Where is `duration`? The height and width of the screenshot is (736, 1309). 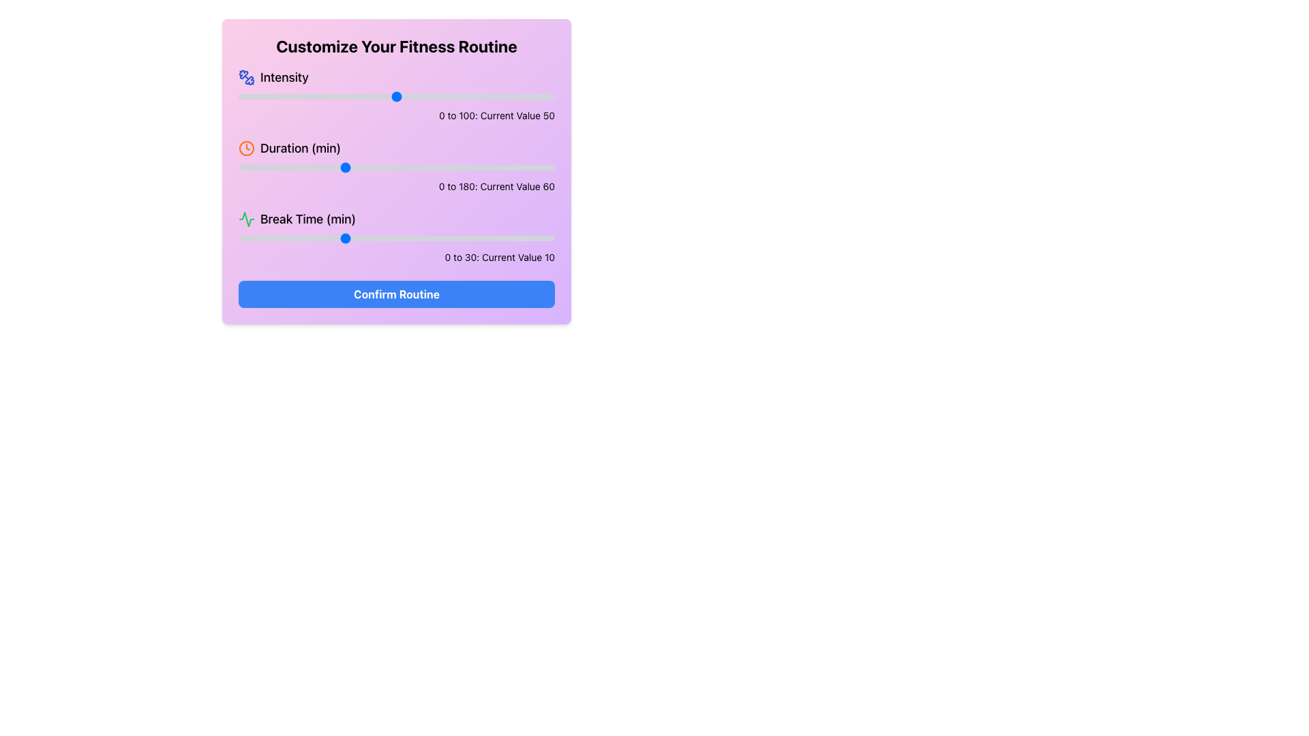
duration is located at coordinates (394, 167).